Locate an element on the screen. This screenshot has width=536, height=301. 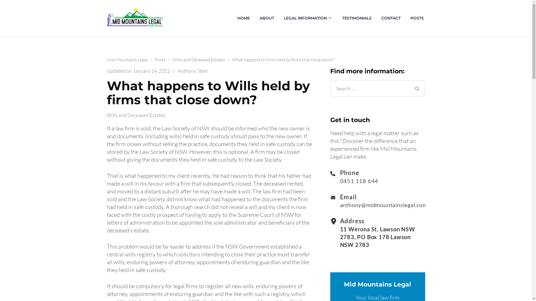
'CONTACT' is located at coordinates (390, 18).